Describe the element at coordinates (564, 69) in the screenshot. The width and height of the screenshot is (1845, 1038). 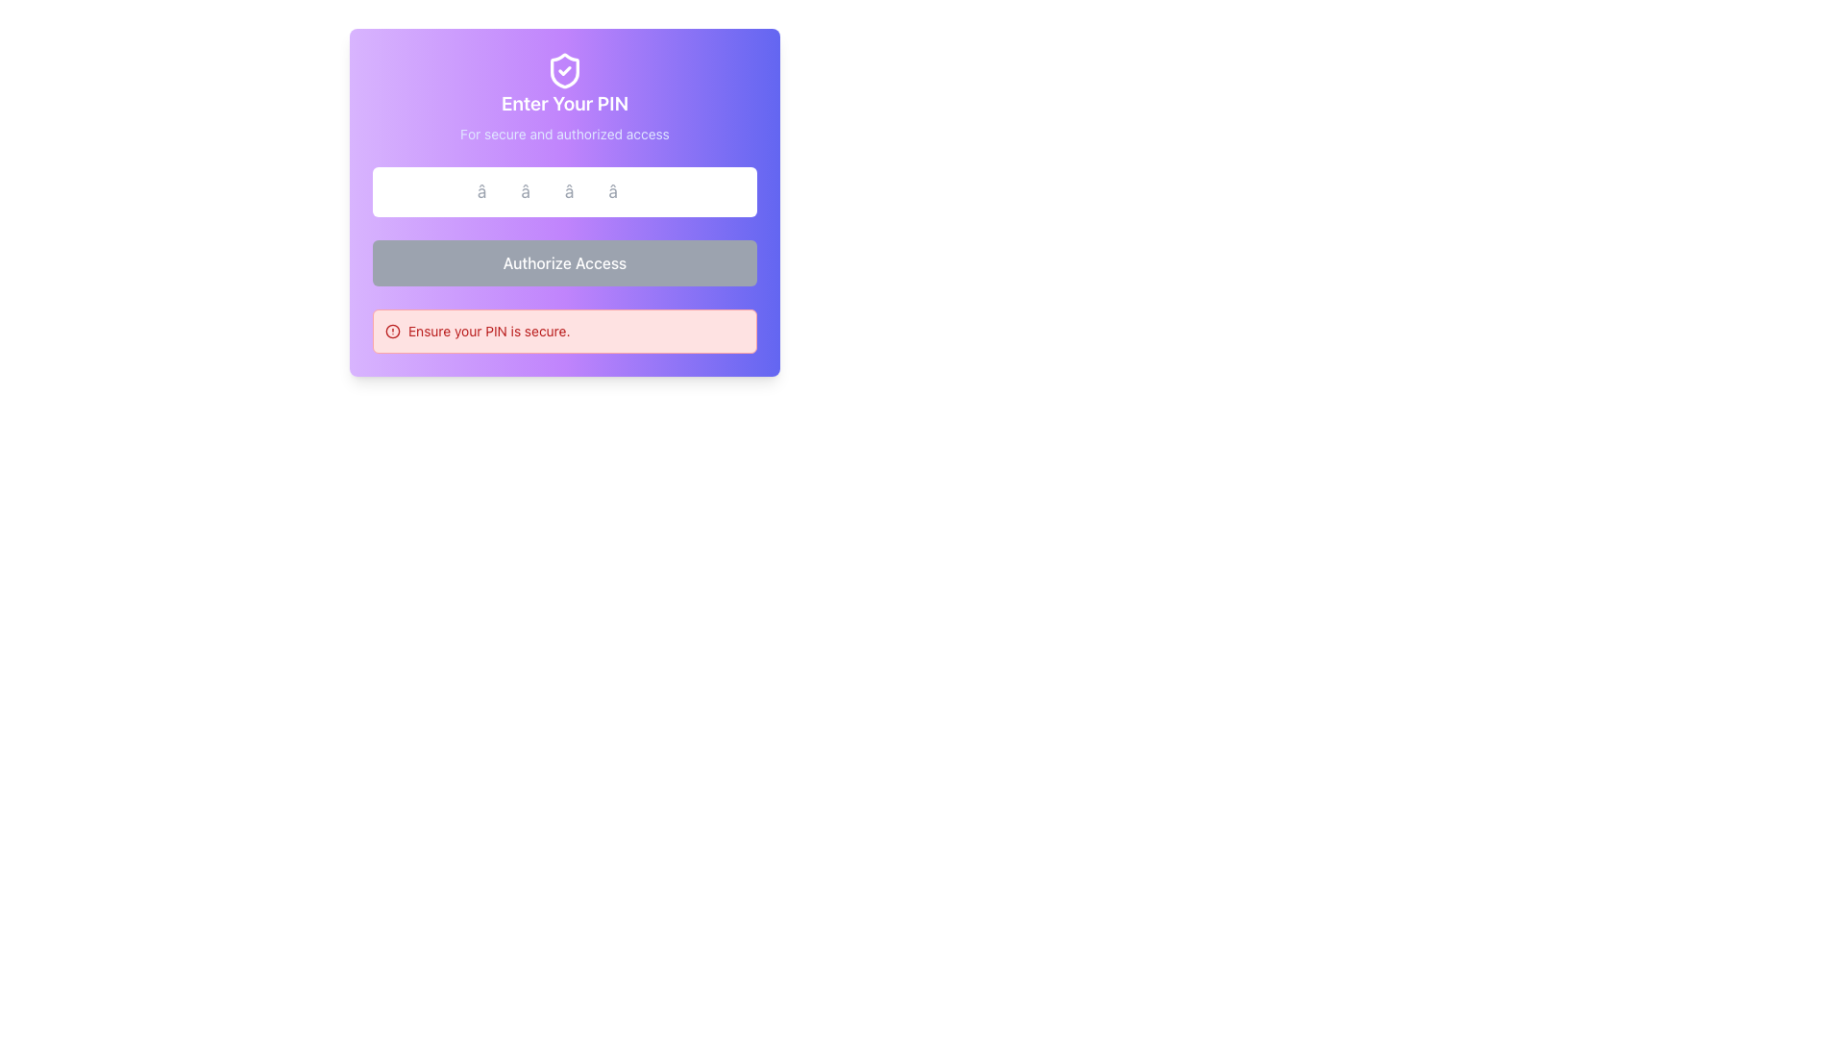
I see `the security icon located at the top of the login form, centered above the 'Enter Your PIN' text, to reassure the user of the secure access process` at that location.